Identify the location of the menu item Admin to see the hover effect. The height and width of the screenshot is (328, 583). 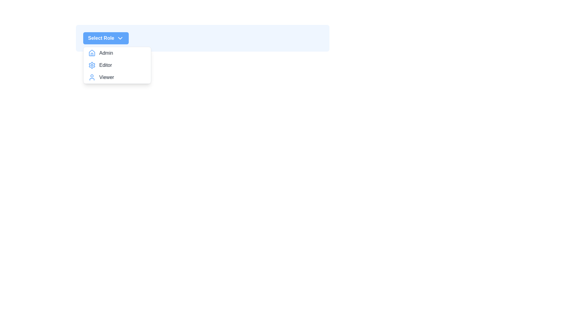
(117, 53).